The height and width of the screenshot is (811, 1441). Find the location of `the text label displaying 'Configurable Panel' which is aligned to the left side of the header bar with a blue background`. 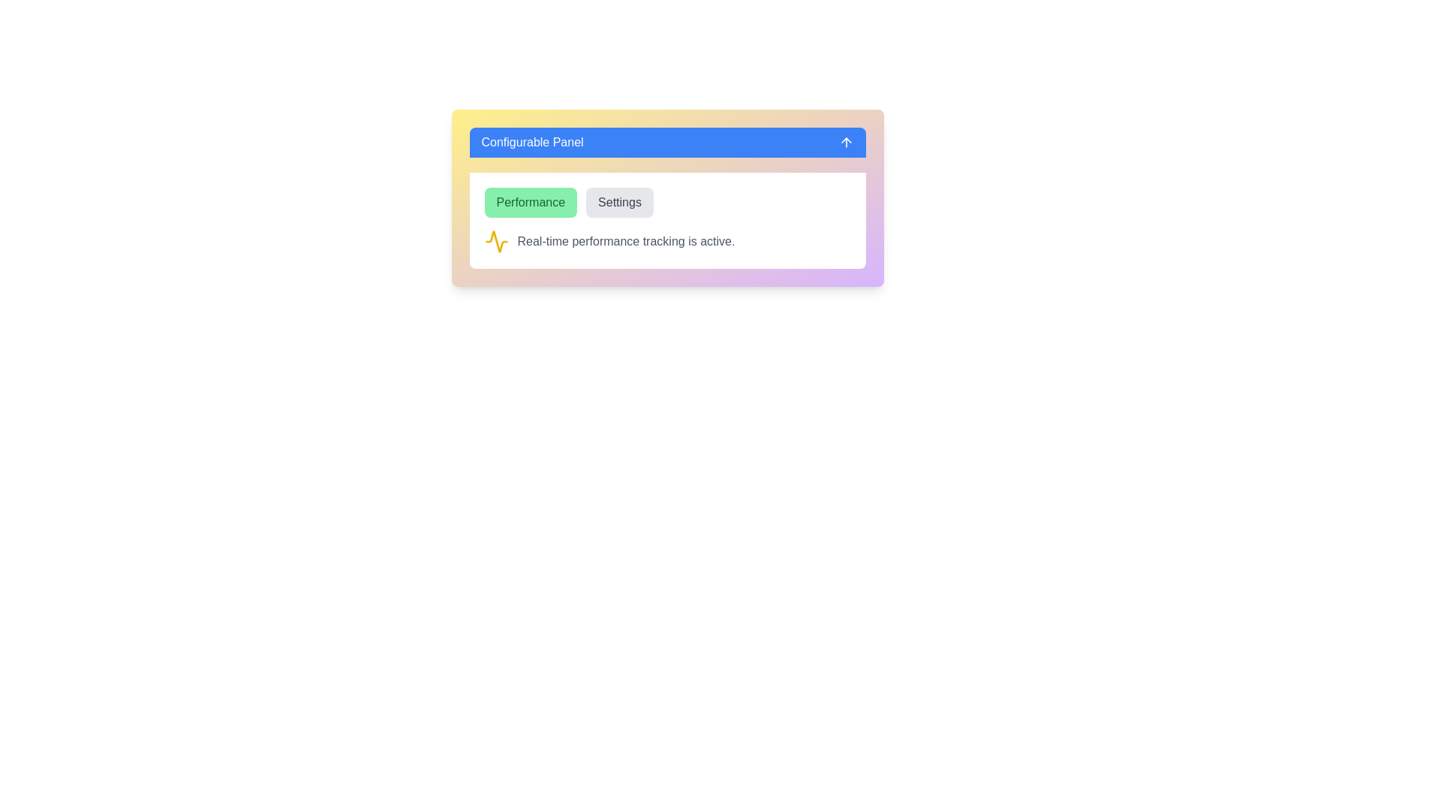

the text label displaying 'Configurable Panel' which is aligned to the left side of the header bar with a blue background is located at coordinates (532, 142).